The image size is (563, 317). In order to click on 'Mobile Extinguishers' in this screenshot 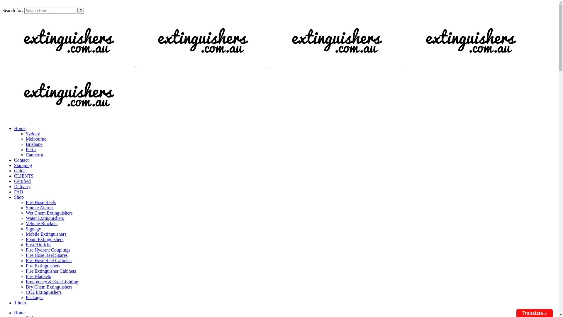, I will do `click(46, 234)`.